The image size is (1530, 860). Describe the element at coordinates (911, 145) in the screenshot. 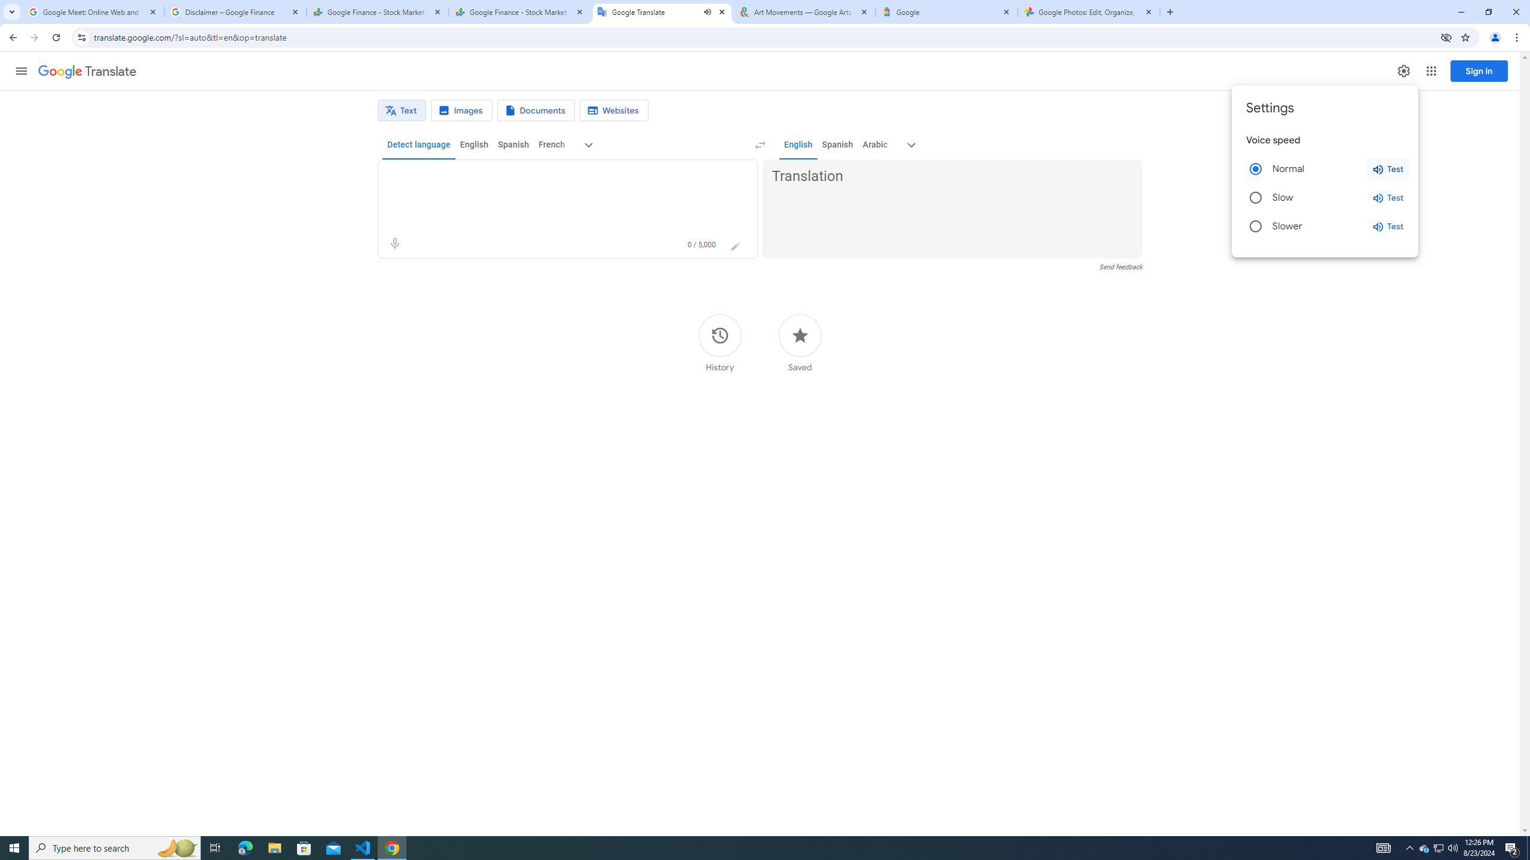

I see `'More target languages'` at that location.